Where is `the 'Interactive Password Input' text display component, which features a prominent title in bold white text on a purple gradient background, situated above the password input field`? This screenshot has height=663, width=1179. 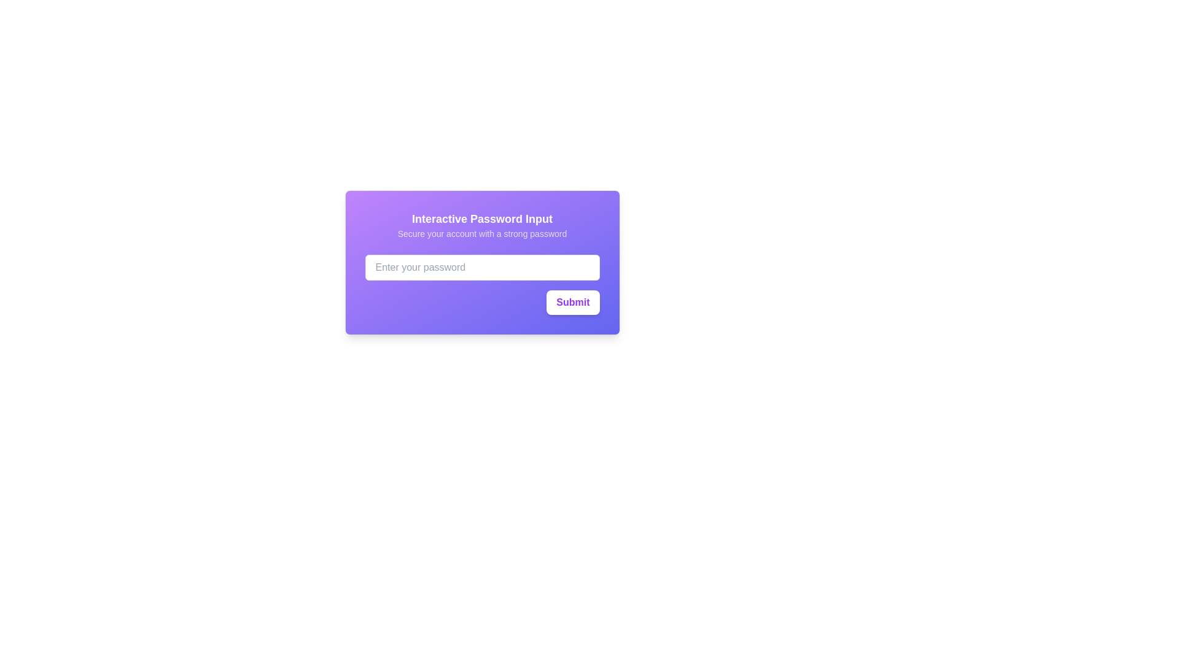
the 'Interactive Password Input' text display component, which features a prominent title in bold white text on a purple gradient background, situated above the password input field is located at coordinates (481, 225).